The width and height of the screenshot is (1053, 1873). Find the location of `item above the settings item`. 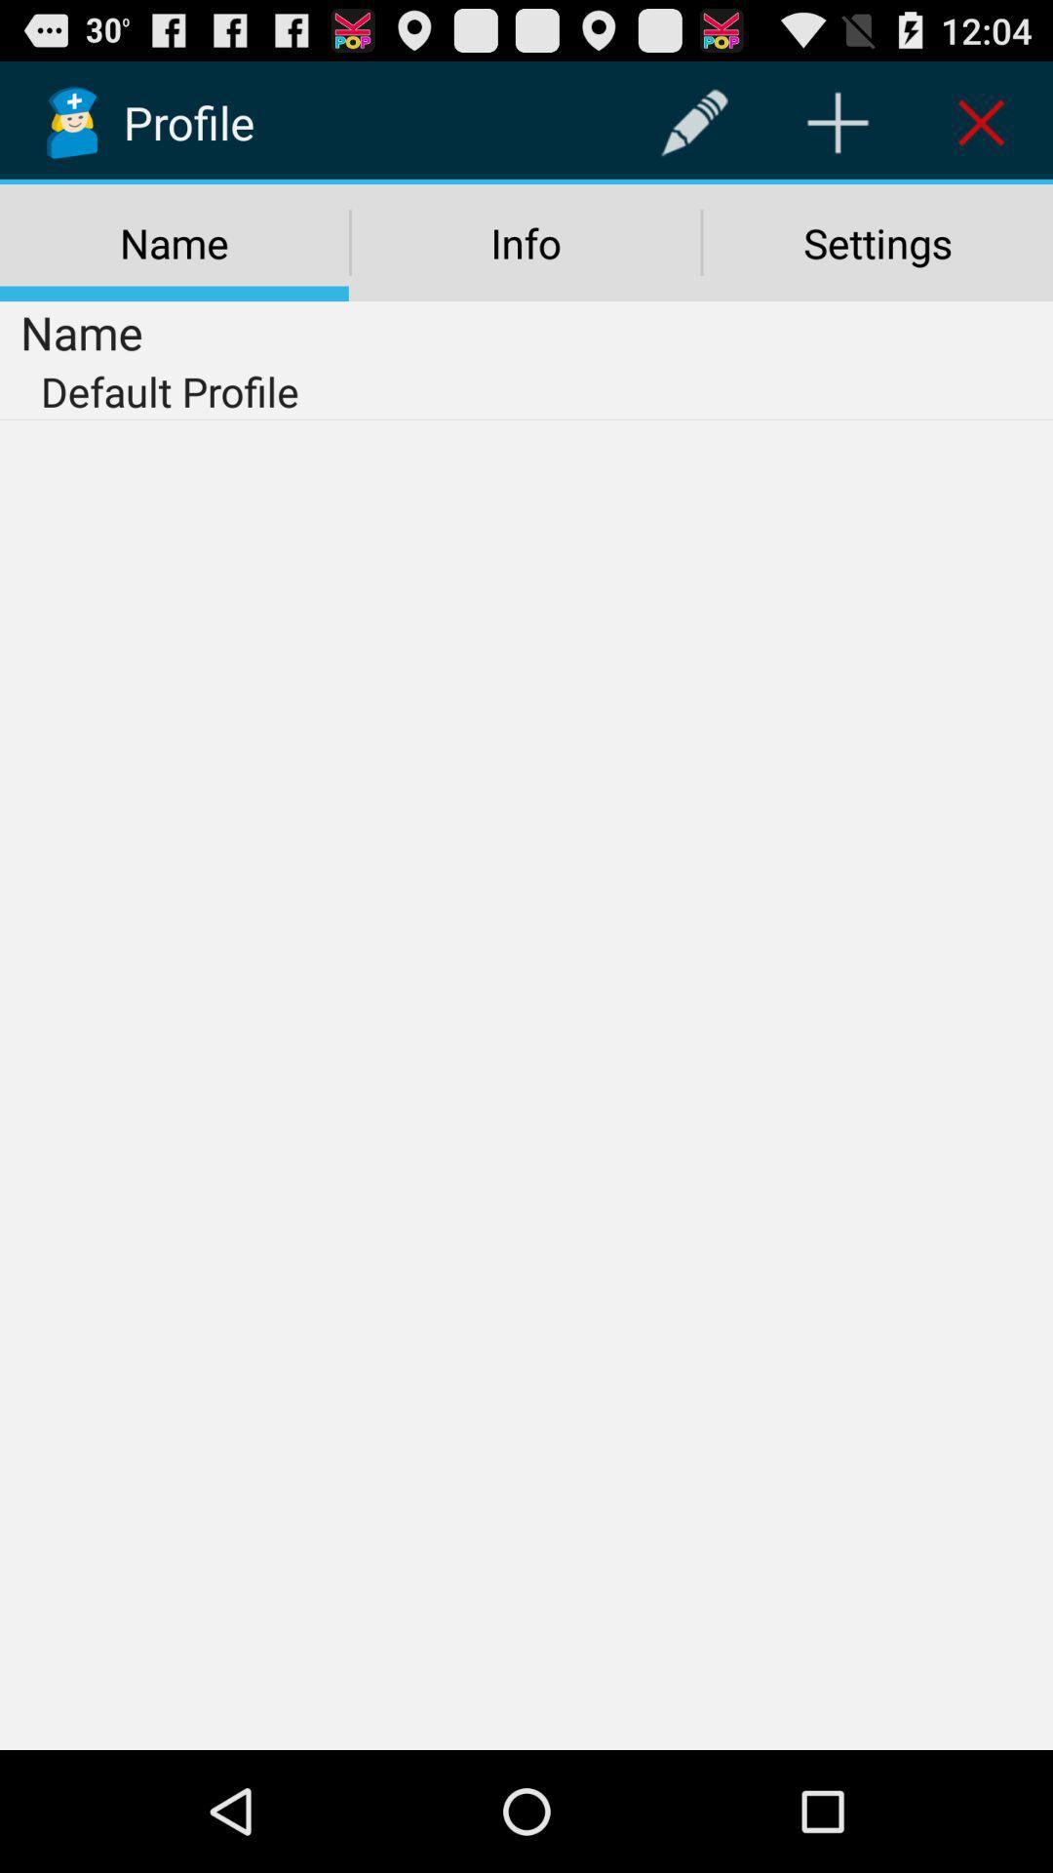

item above the settings item is located at coordinates (981, 121).